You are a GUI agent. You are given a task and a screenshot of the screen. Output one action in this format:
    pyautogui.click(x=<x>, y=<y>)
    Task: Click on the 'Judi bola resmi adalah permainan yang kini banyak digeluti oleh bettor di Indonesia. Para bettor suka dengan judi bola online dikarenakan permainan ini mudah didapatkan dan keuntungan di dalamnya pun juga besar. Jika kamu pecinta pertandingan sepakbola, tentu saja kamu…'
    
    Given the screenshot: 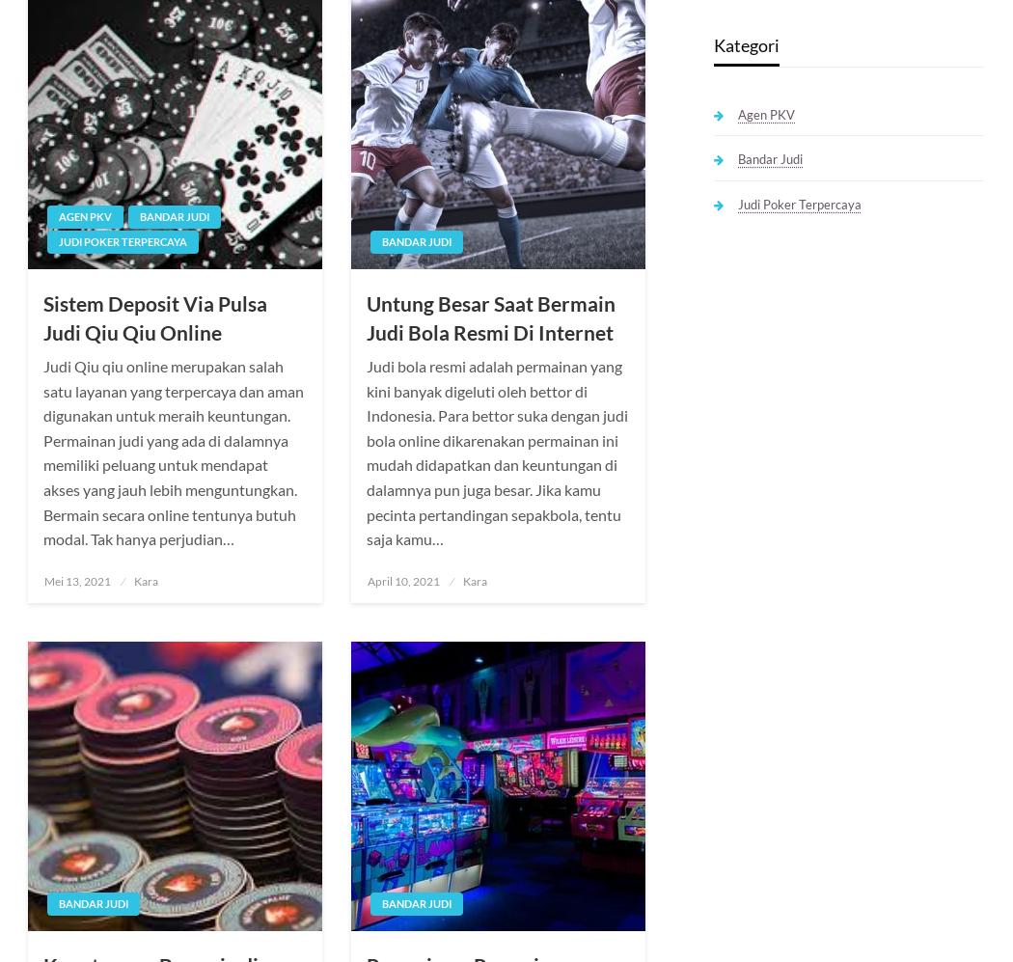 What is the action you would take?
    pyautogui.click(x=496, y=452)
    